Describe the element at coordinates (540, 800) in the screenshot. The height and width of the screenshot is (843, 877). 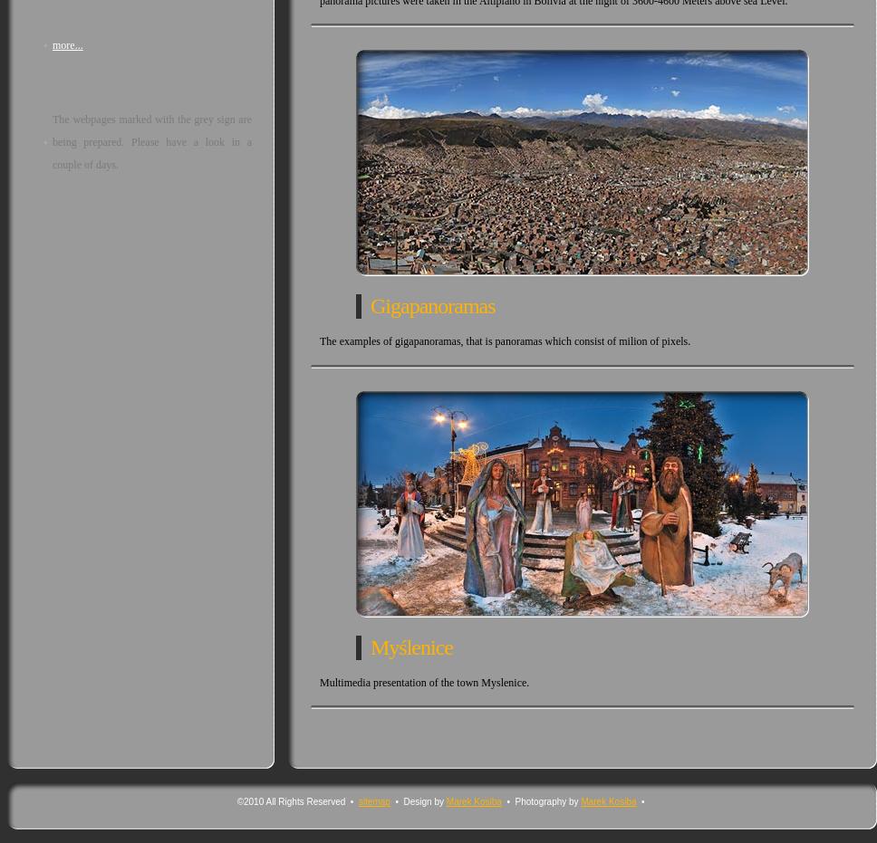
I see `'• 
		 Photography by'` at that location.